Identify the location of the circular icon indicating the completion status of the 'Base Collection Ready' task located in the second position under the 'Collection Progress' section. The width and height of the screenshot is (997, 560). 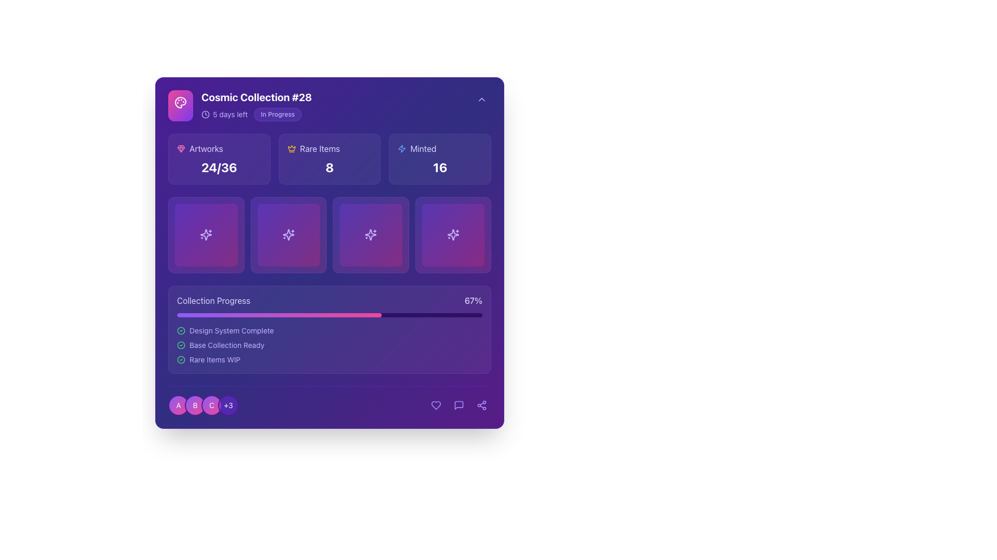
(181, 330).